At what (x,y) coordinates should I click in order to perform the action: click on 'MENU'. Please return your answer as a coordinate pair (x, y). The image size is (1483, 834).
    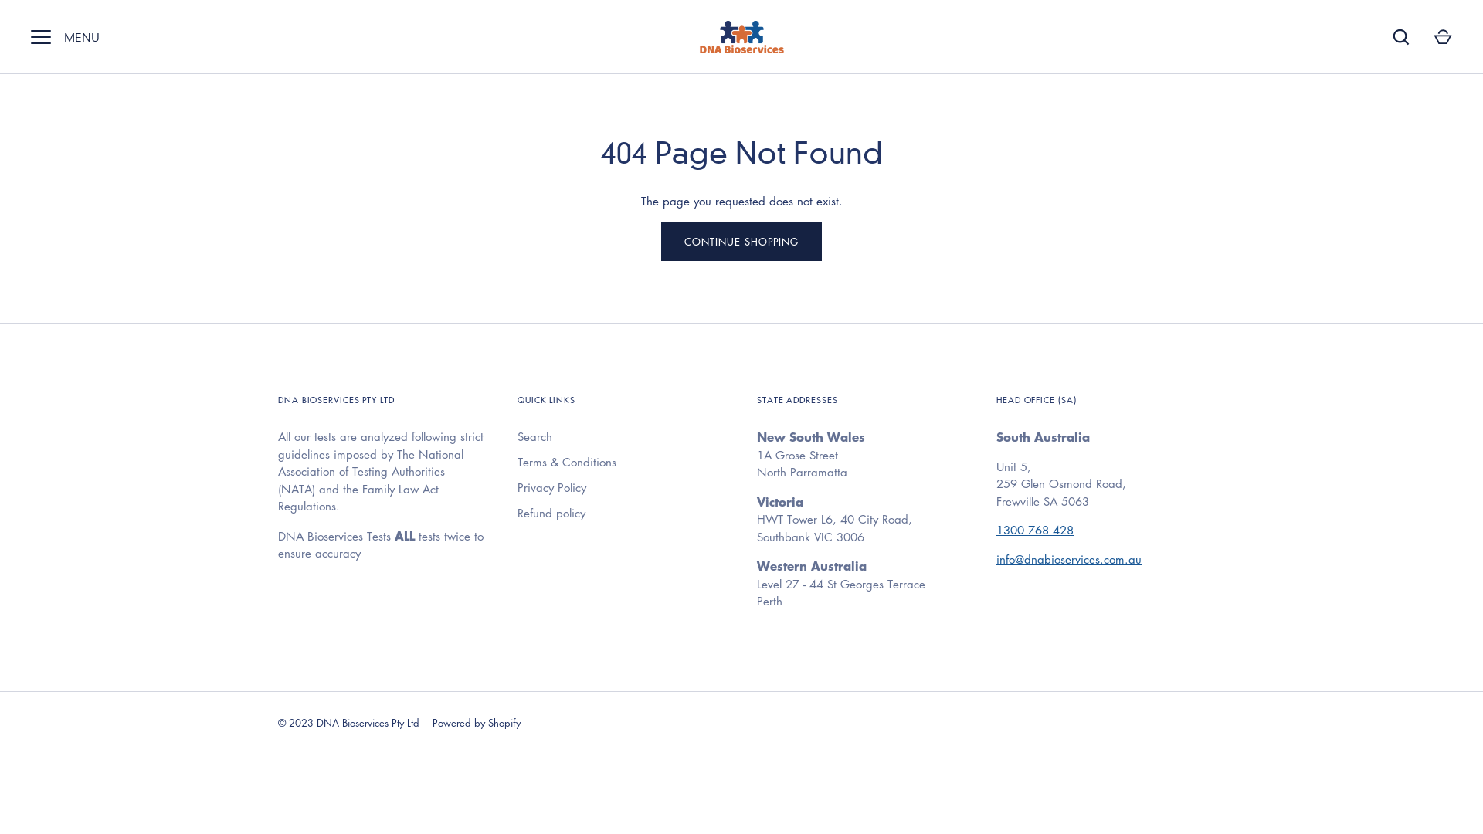
    Looking at the image, I should click on (40, 36).